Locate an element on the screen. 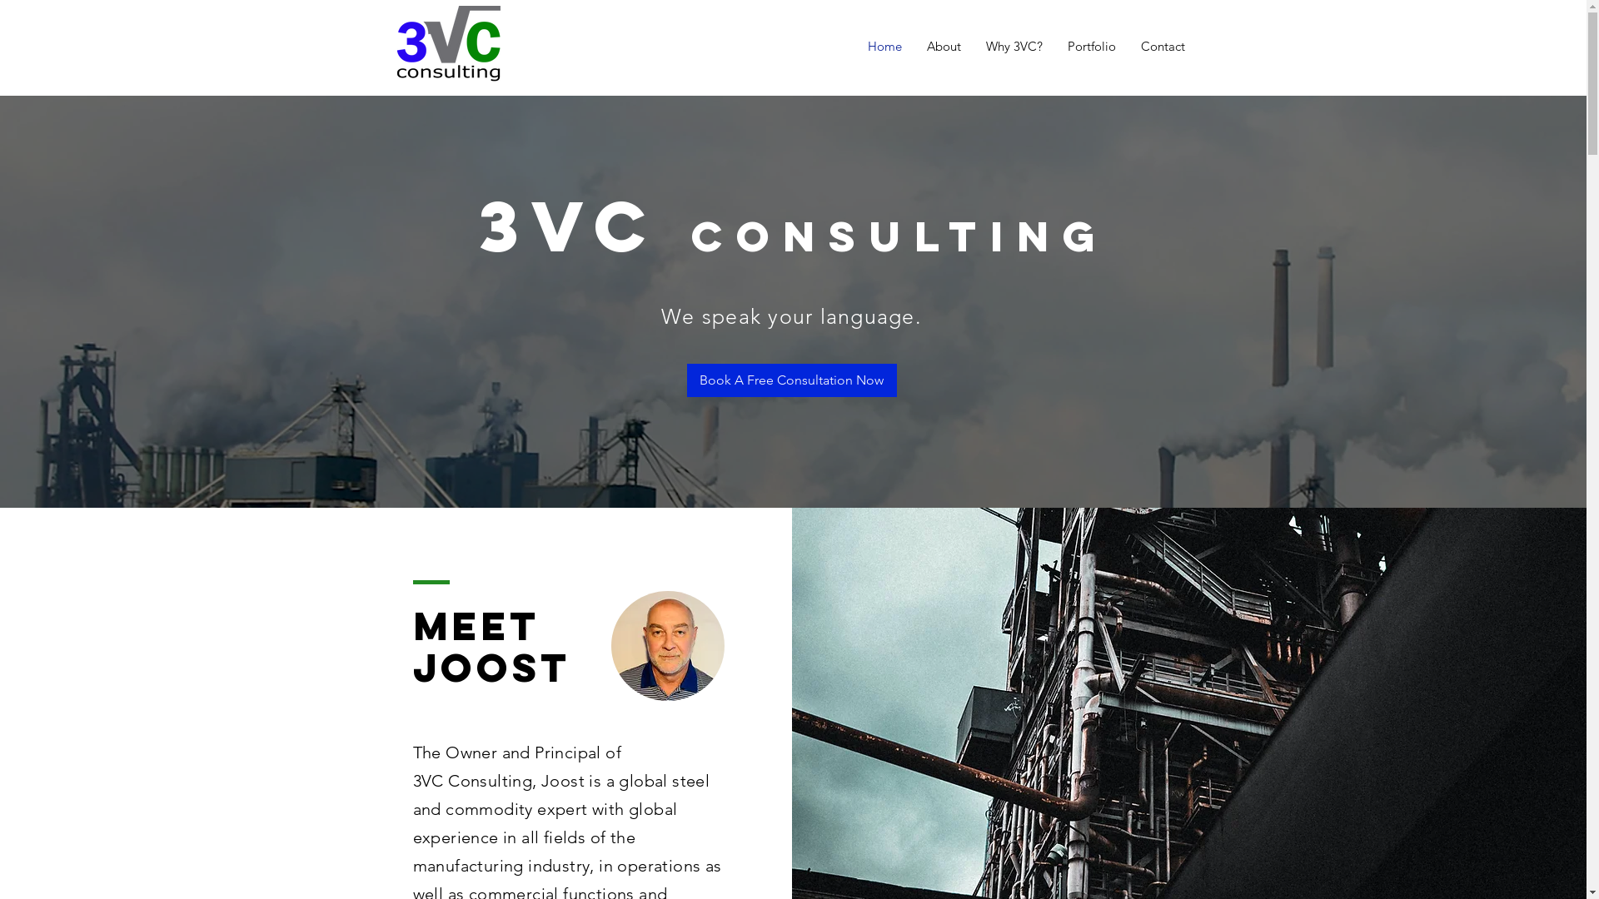 Image resolution: width=1599 pixels, height=899 pixels. 'Book A Free Consultation Now' is located at coordinates (790, 380).